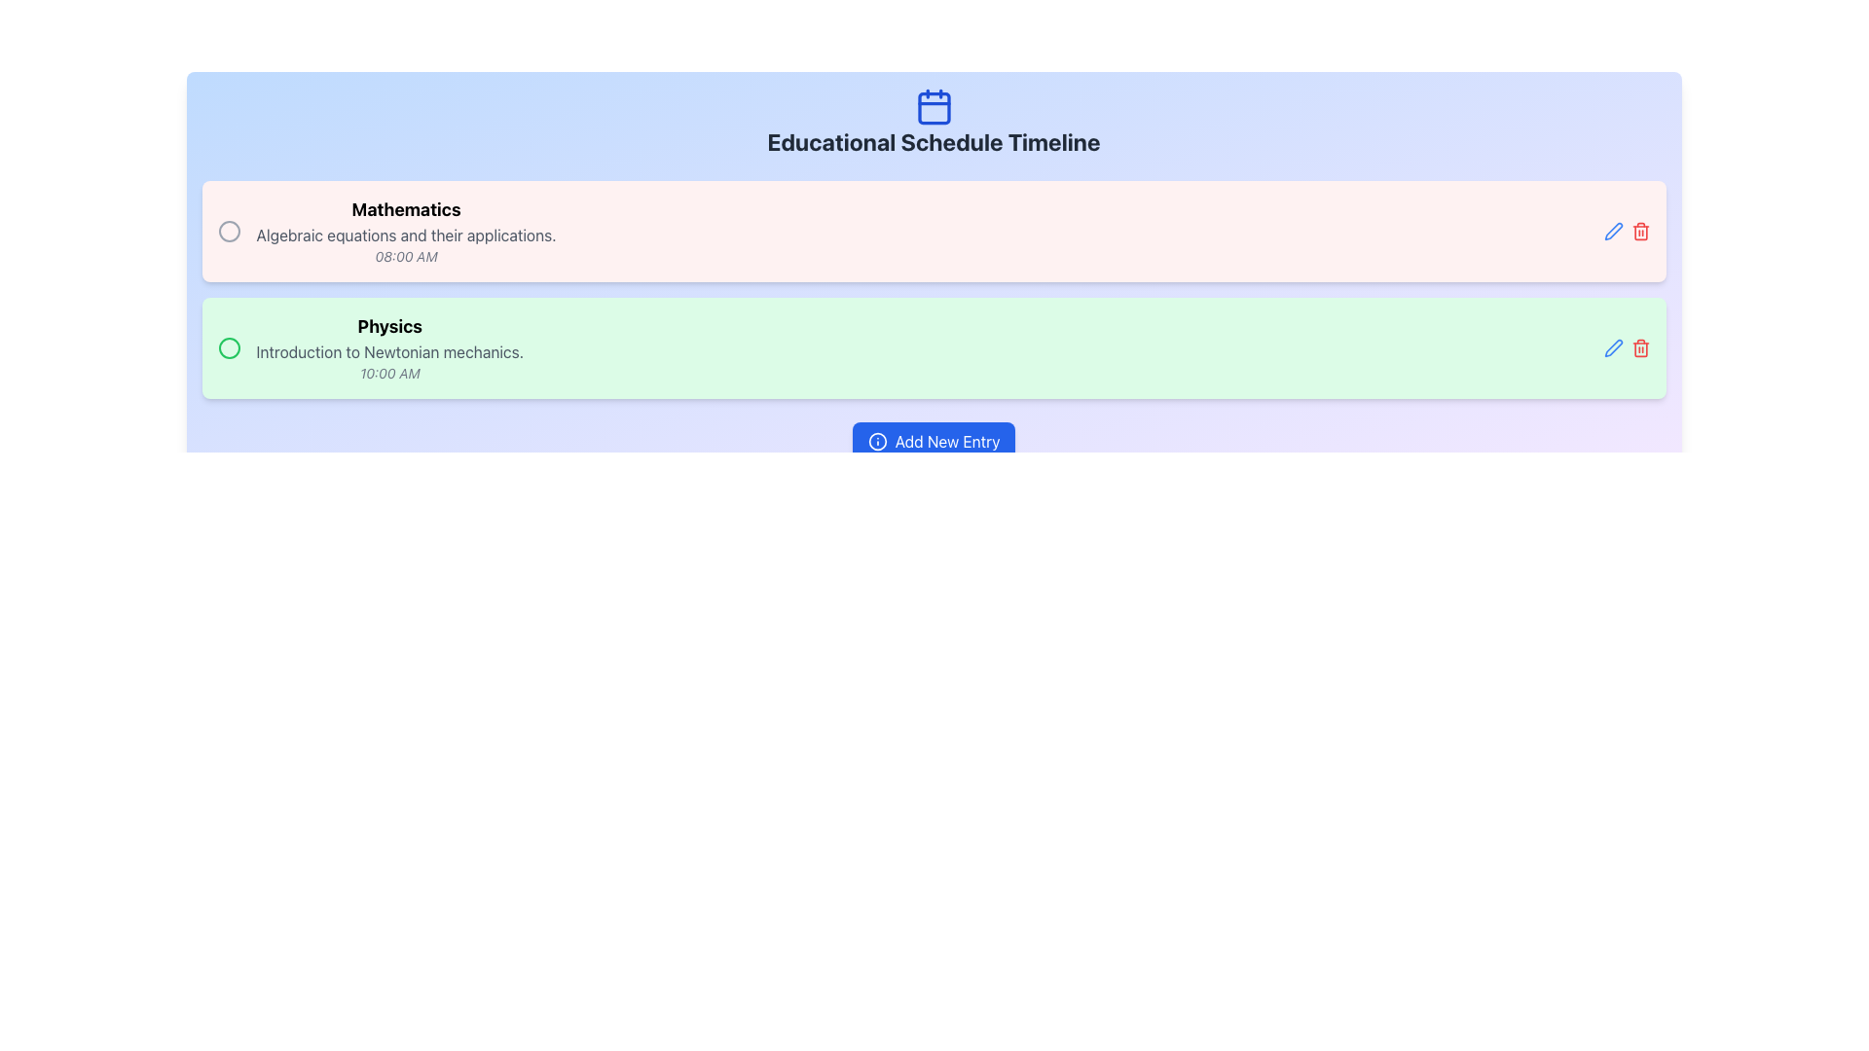  Describe the element at coordinates (229, 231) in the screenshot. I see `the appearance of the symbolic marker icon associated with the 'Mathematics' schedule entry, located in the top-left corner of the item` at that location.